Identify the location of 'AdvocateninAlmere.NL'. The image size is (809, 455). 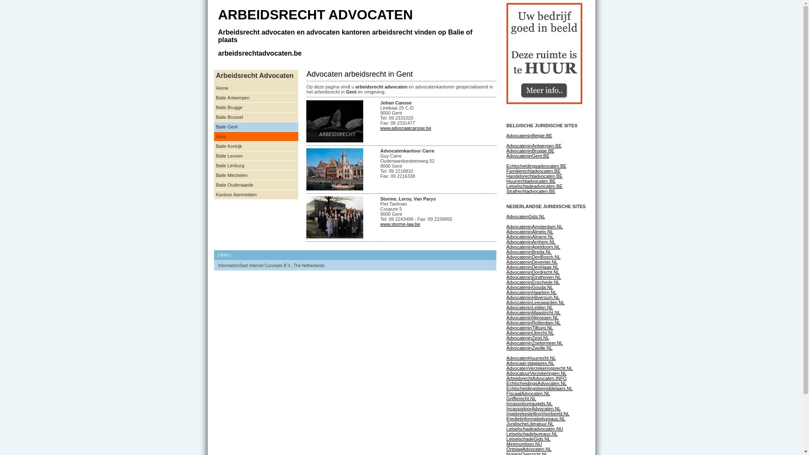
(530, 237).